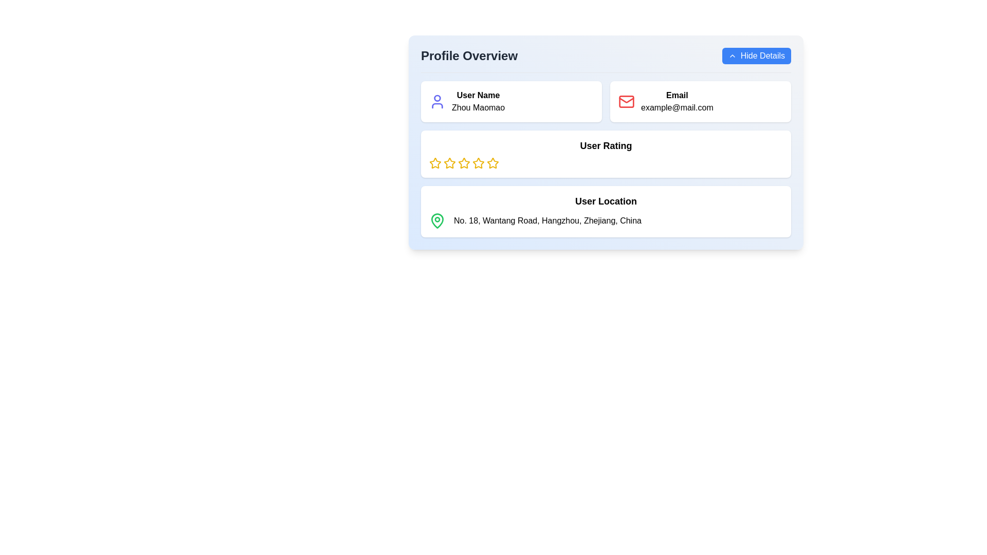  What do you see at coordinates (511, 101) in the screenshot?
I see `the Information Display Card that displays the user's username and full name, located at the top-left corner of the grid layout` at bounding box center [511, 101].